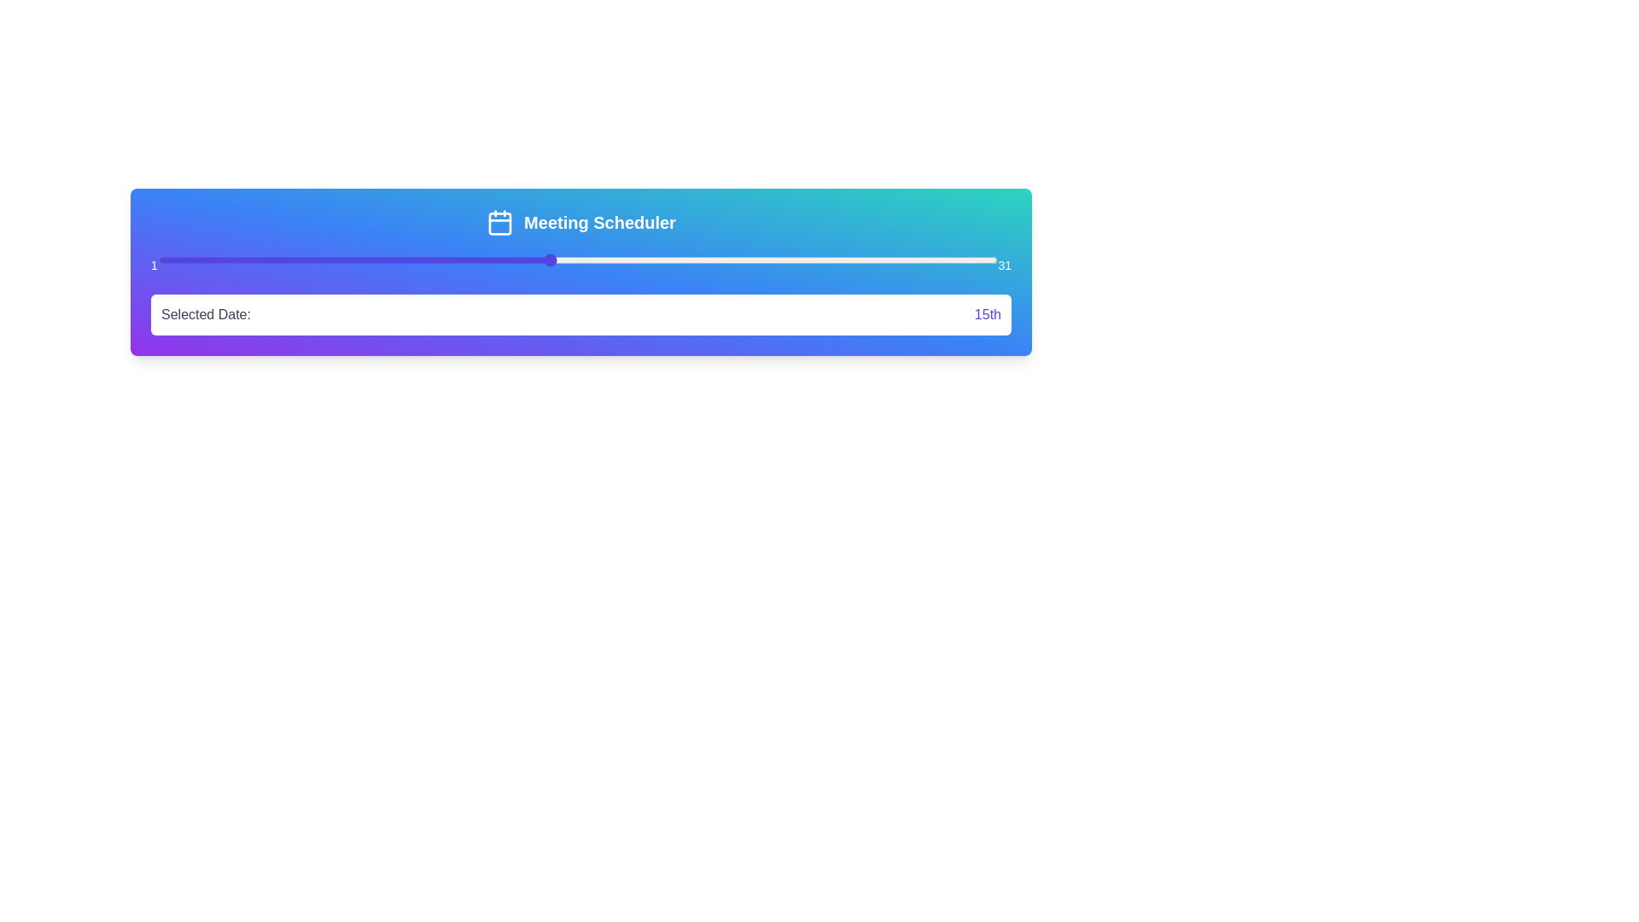 This screenshot has height=922, width=1639. I want to click on the date, so click(410, 260).